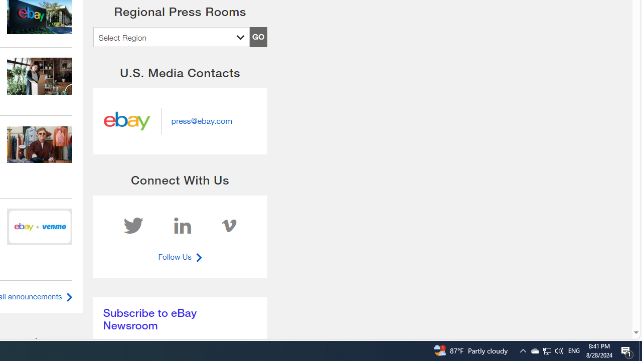 The width and height of the screenshot is (642, 361). Describe the element at coordinates (201, 120) in the screenshot. I see `'Send email to press@ebay.com'` at that location.